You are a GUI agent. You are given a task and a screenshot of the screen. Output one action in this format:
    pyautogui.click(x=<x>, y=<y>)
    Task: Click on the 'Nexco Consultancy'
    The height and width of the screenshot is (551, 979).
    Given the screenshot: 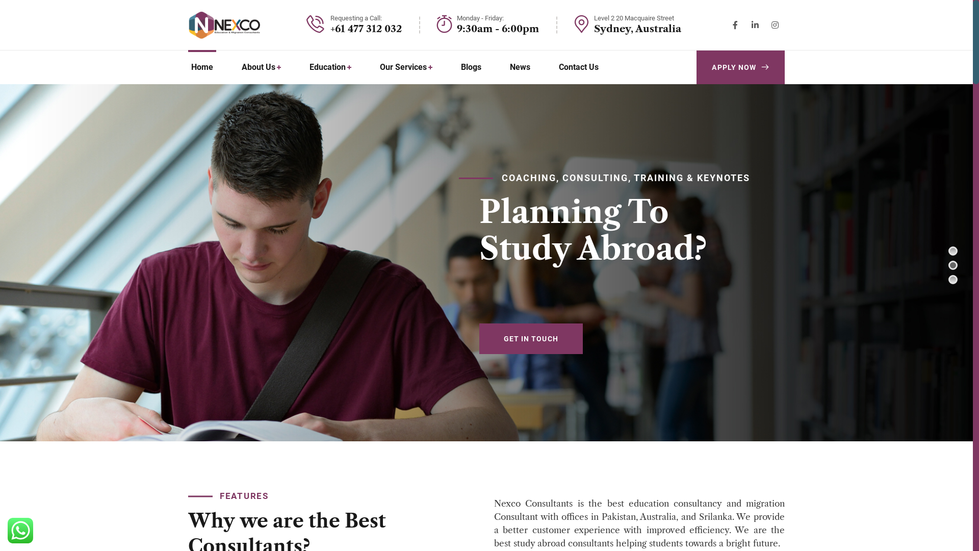 What is the action you would take?
    pyautogui.click(x=224, y=23)
    